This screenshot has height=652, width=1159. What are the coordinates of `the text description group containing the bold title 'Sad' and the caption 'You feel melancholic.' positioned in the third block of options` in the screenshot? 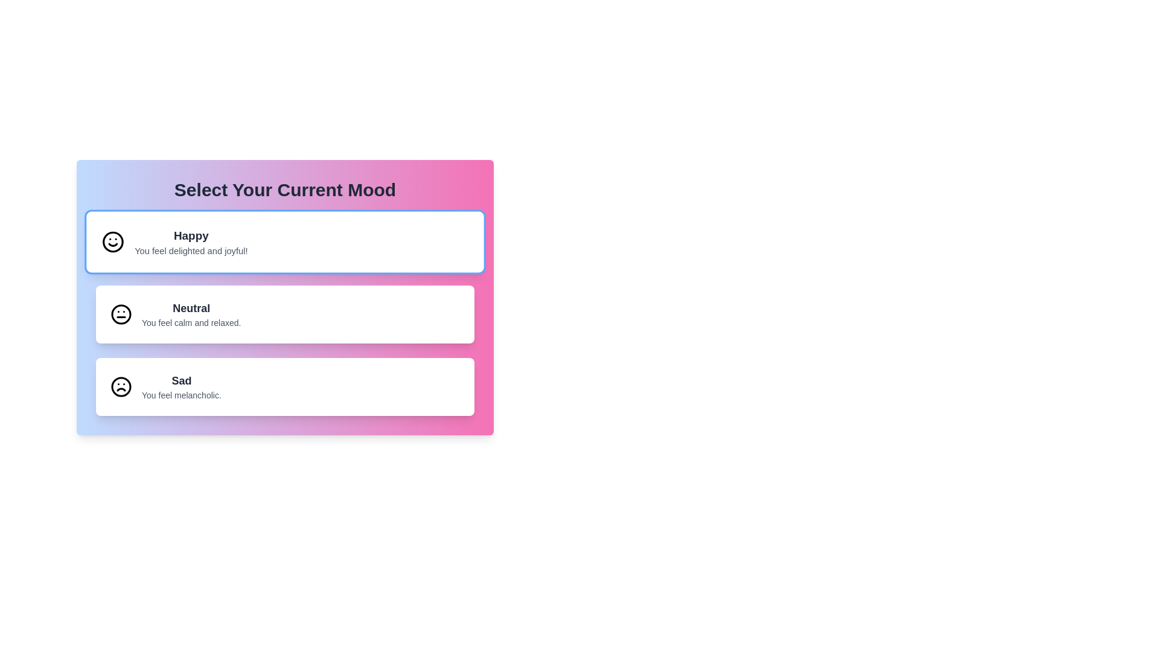 It's located at (180, 386).